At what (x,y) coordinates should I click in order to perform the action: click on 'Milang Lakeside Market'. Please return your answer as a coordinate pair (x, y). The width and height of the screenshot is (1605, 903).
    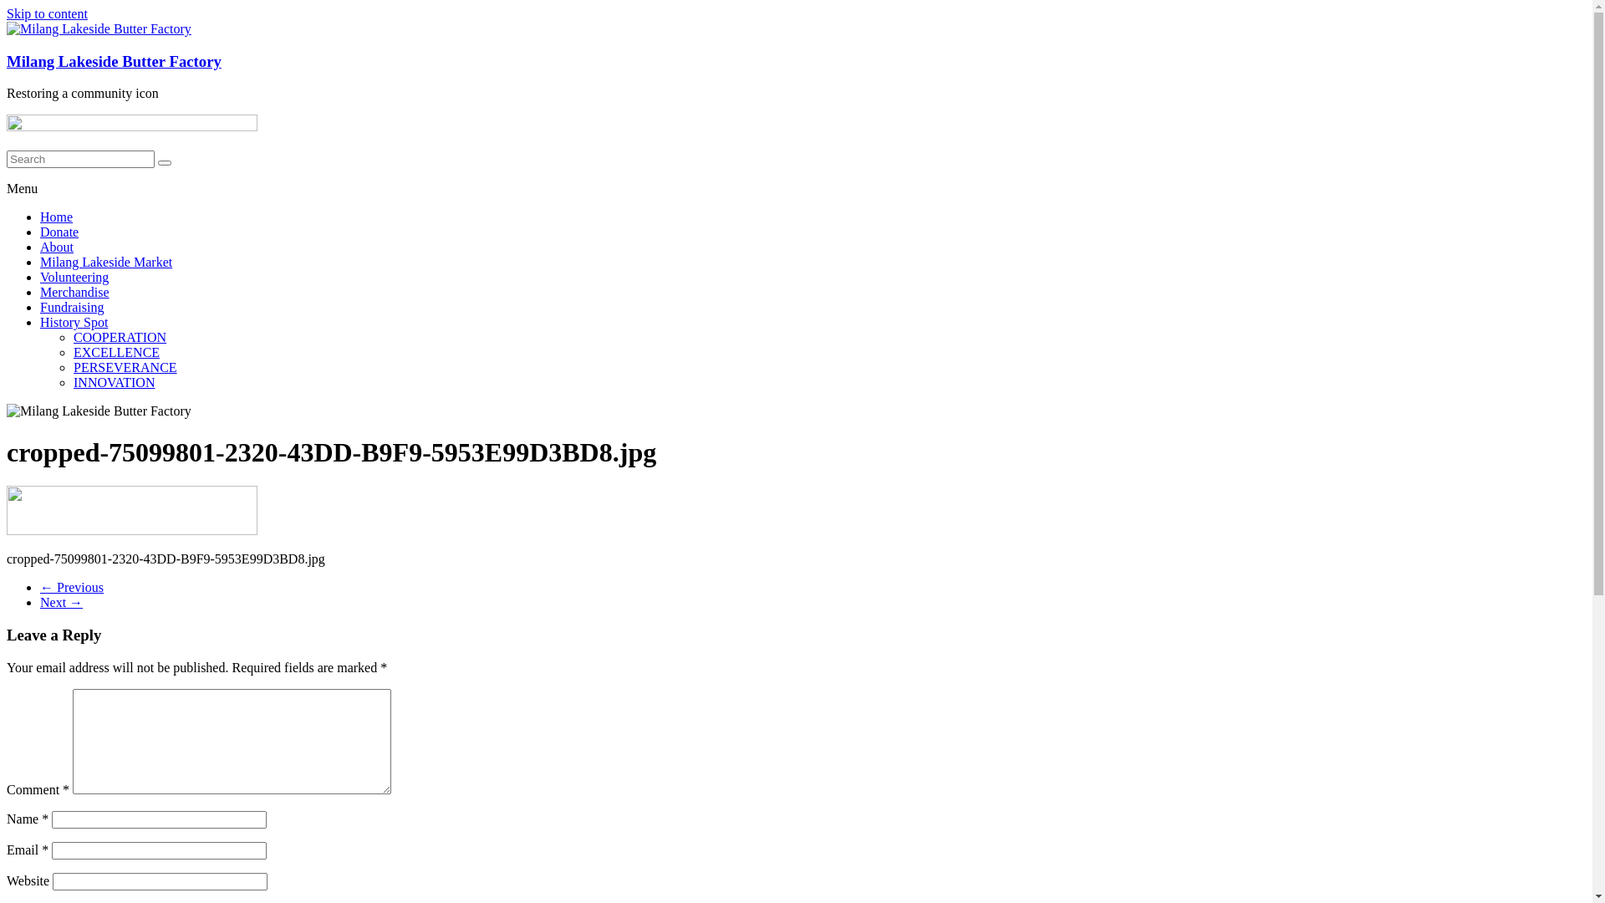
    Looking at the image, I should click on (40, 262).